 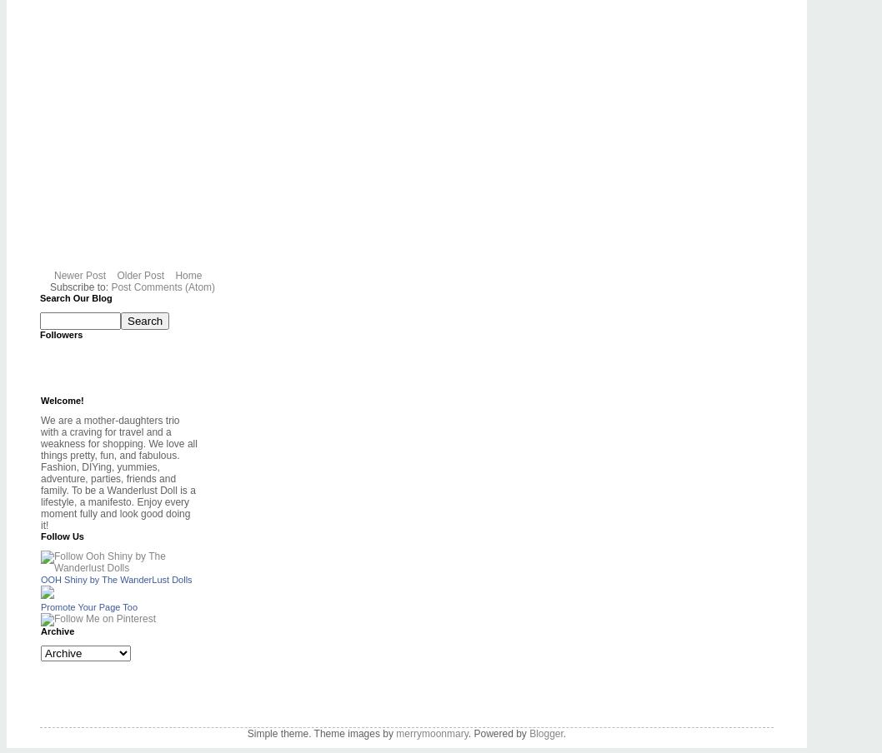 I want to click on 'Blogger', so click(x=545, y=733).